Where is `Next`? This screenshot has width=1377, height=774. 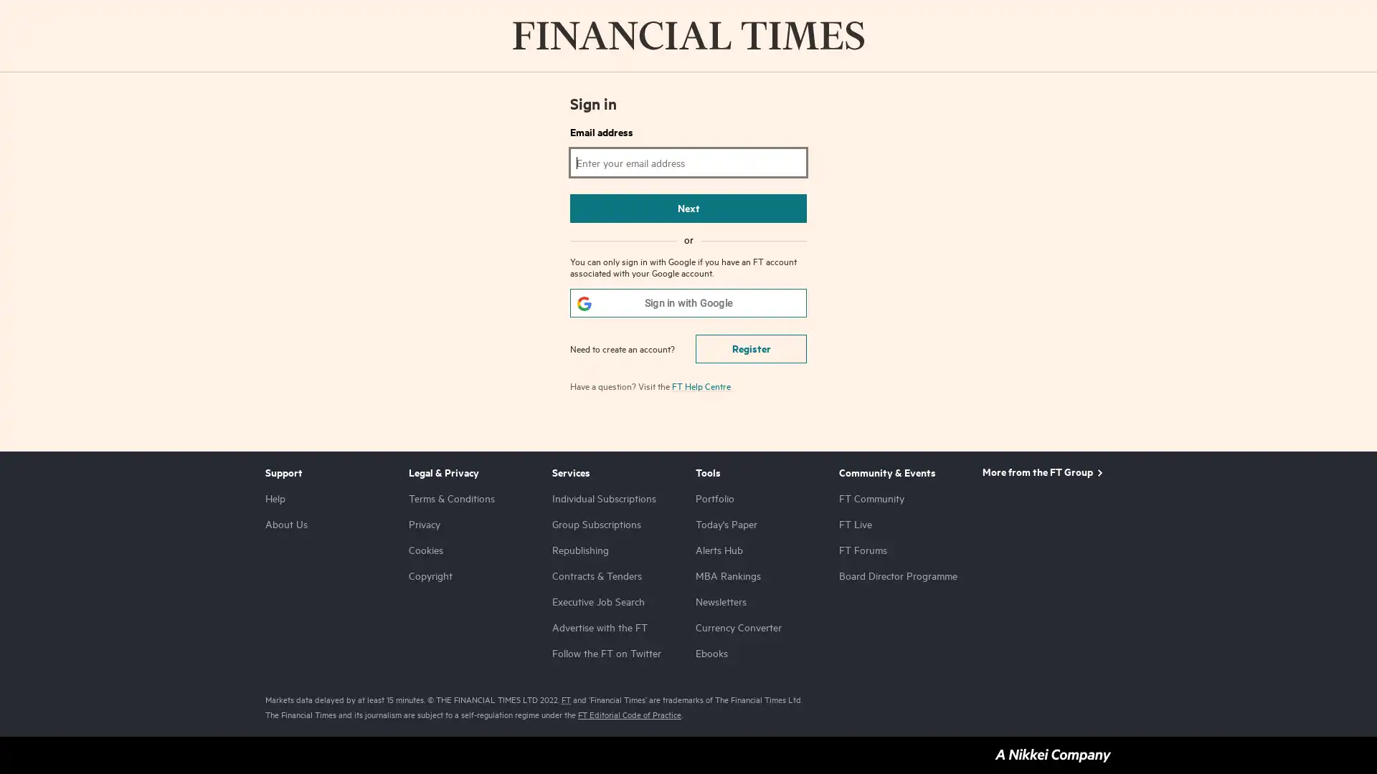 Next is located at coordinates (688, 208).